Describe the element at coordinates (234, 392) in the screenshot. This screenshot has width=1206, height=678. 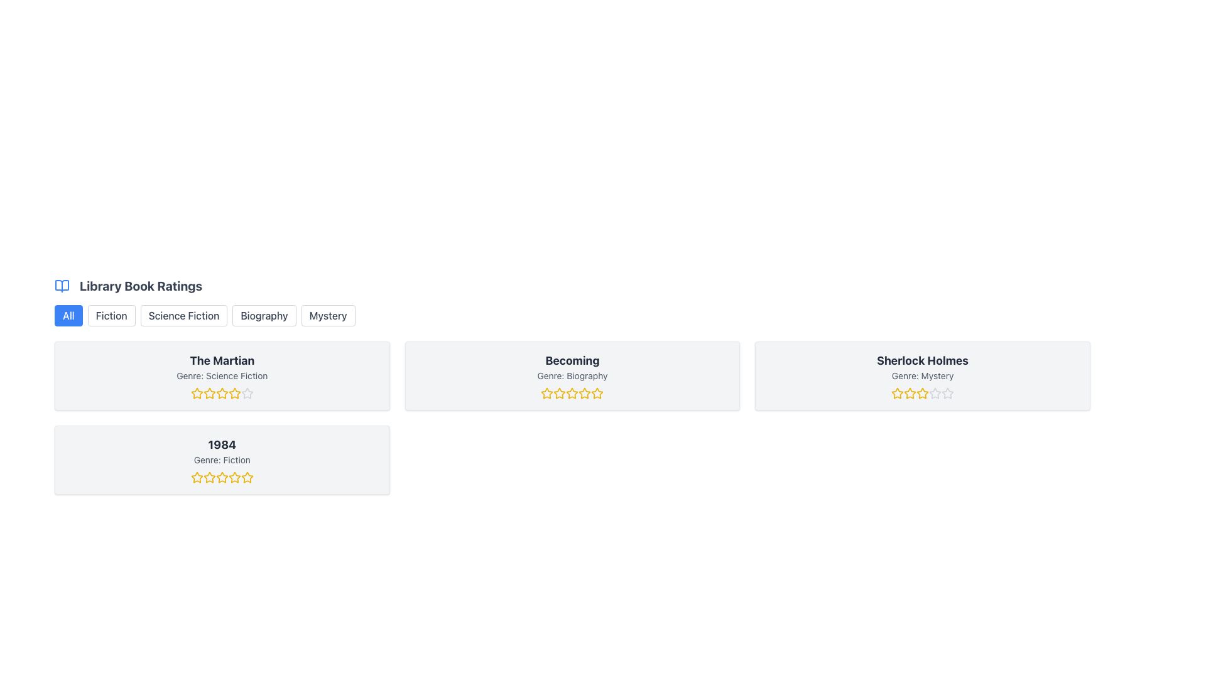
I see `the fourth clickable star icon used for rating under the book title 'The Martian' in the 'Library Book Ratings' section` at that location.